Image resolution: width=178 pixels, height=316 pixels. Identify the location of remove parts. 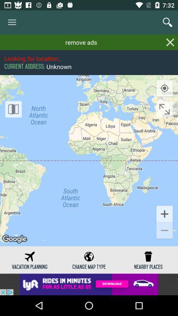
(170, 42).